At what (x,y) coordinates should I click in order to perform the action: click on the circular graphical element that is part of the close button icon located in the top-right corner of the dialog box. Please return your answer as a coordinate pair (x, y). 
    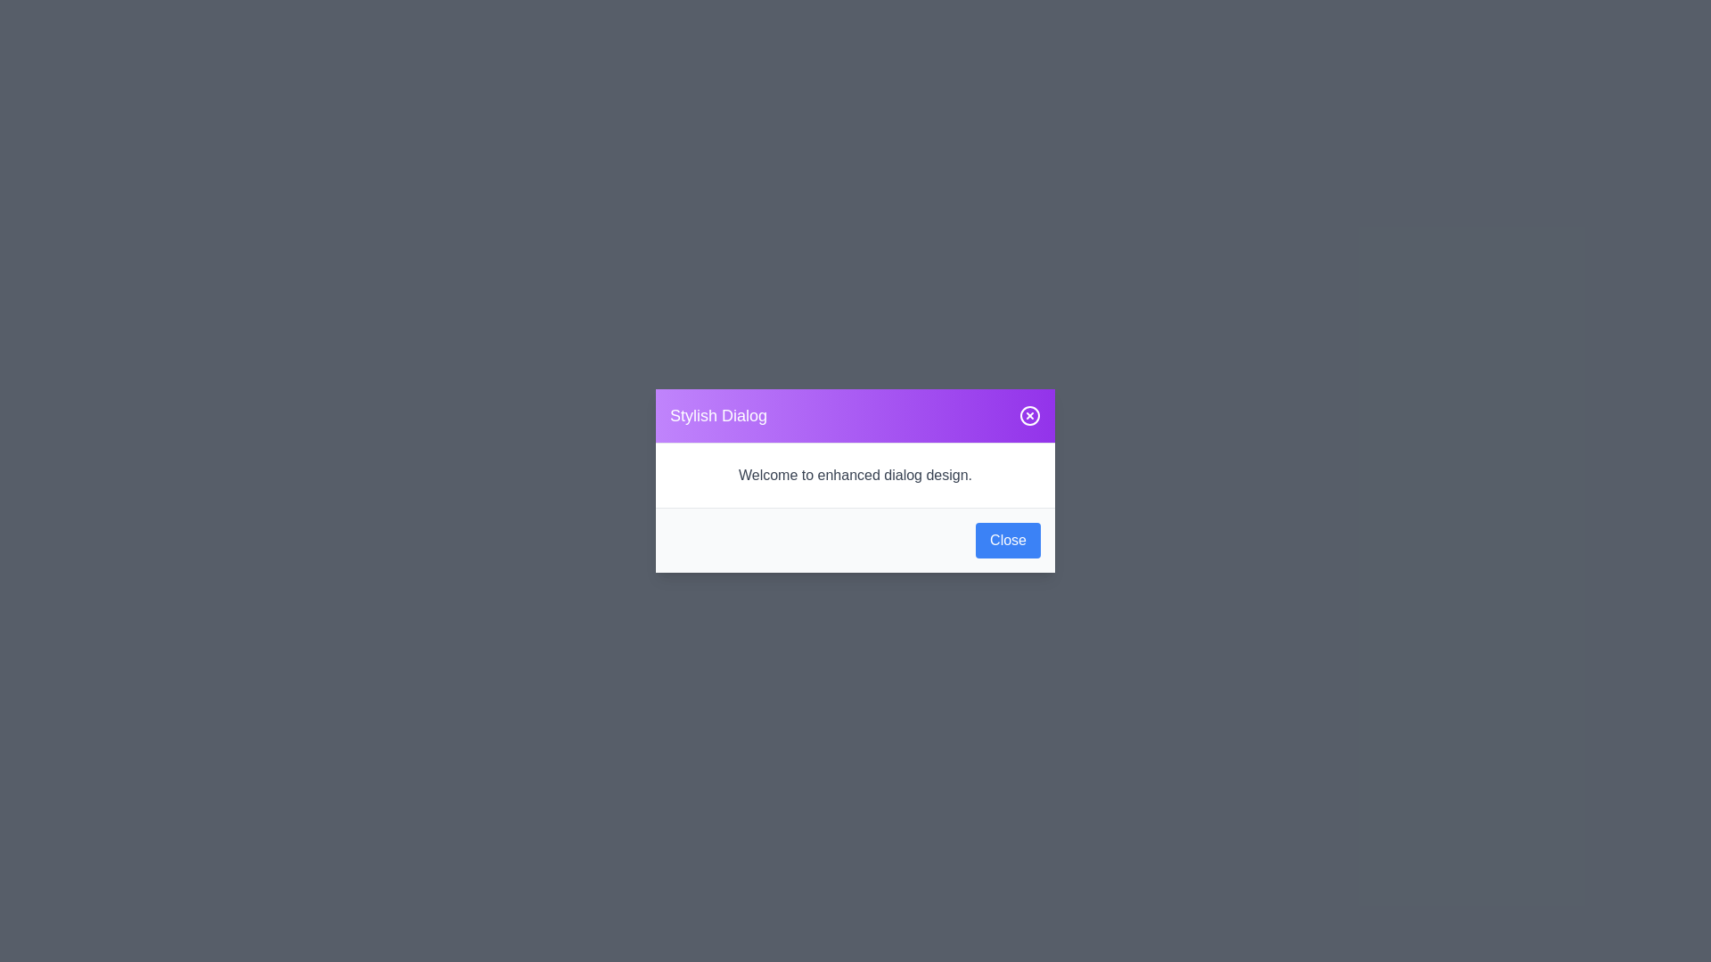
    Looking at the image, I should click on (1030, 415).